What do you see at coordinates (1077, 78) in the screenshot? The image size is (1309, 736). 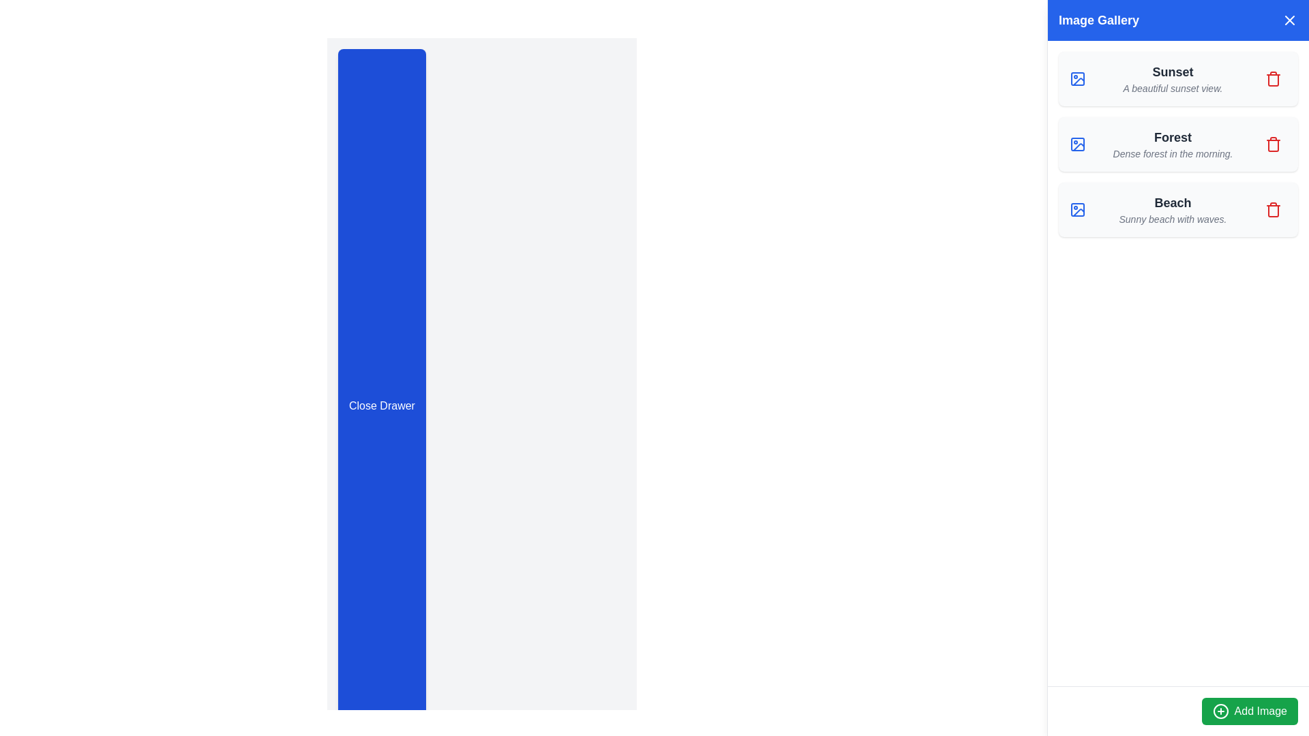 I see `the SVG graphical element representing the image placeholder for the first entry titled 'Sunset' in the 'Image Gallery' section to interact with the associated image` at bounding box center [1077, 78].